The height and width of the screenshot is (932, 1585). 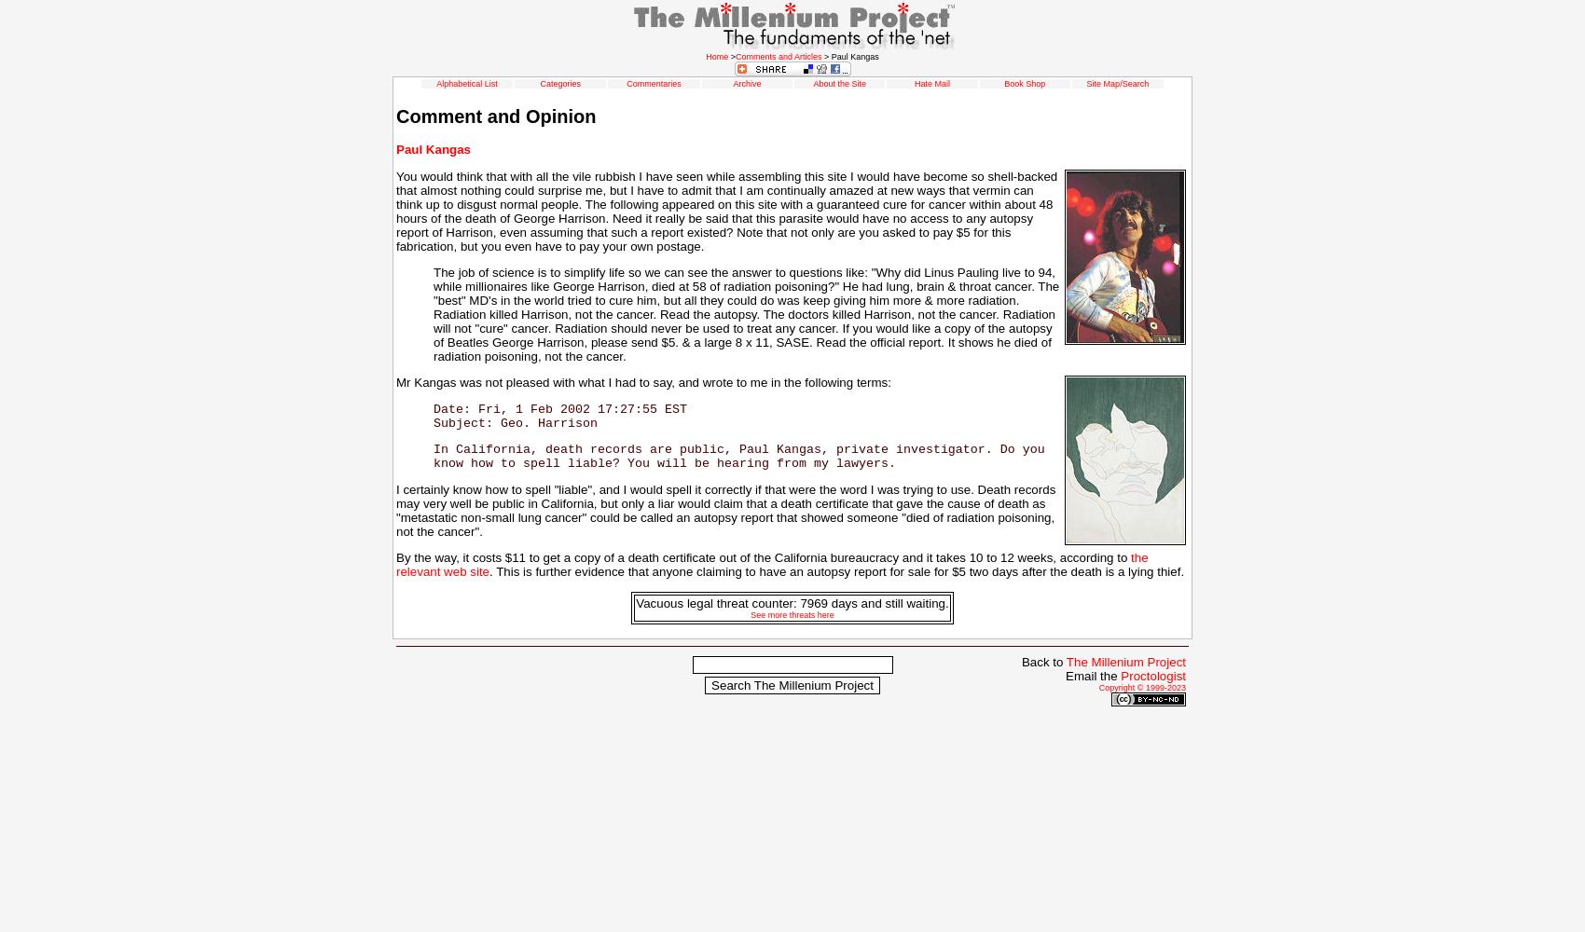 What do you see at coordinates (436, 83) in the screenshot?
I see `'Alphabetical List'` at bounding box center [436, 83].